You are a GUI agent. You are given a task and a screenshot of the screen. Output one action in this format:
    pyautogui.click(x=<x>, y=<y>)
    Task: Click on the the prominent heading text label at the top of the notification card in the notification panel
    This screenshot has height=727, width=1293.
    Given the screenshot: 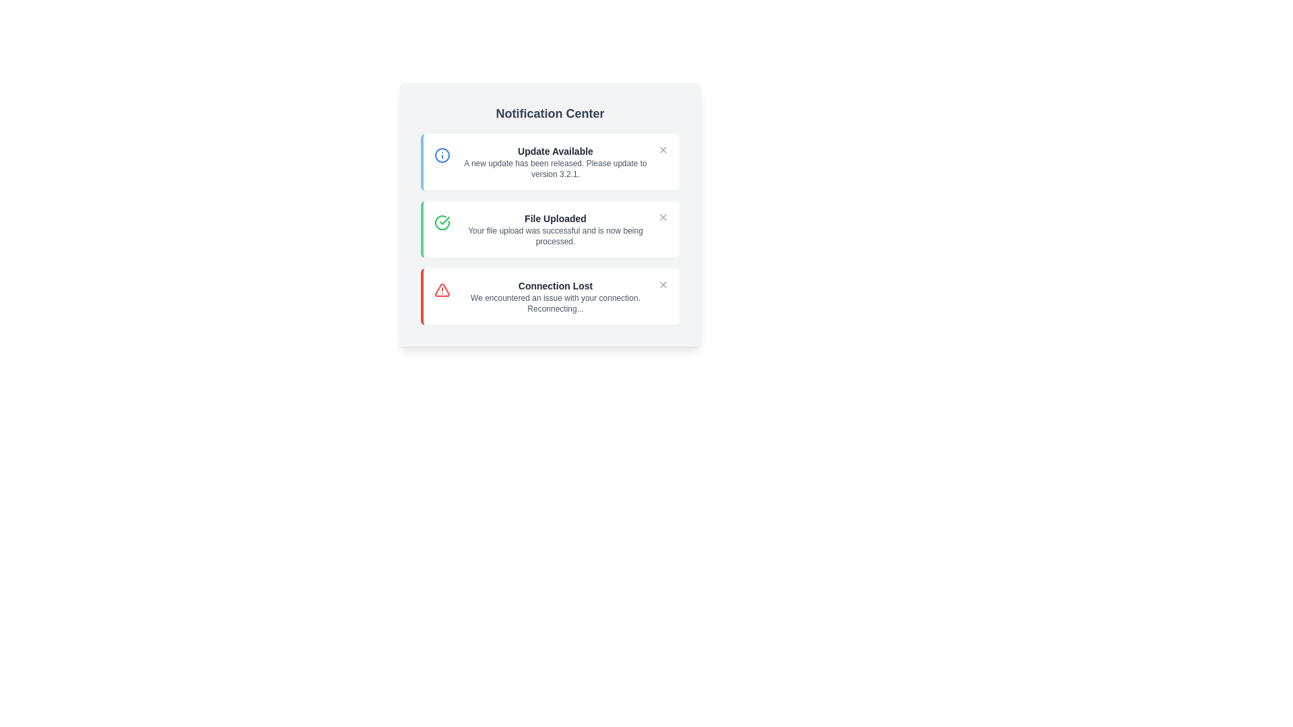 What is the action you would take?
    pyautogui.click(x=556, y=151)
    